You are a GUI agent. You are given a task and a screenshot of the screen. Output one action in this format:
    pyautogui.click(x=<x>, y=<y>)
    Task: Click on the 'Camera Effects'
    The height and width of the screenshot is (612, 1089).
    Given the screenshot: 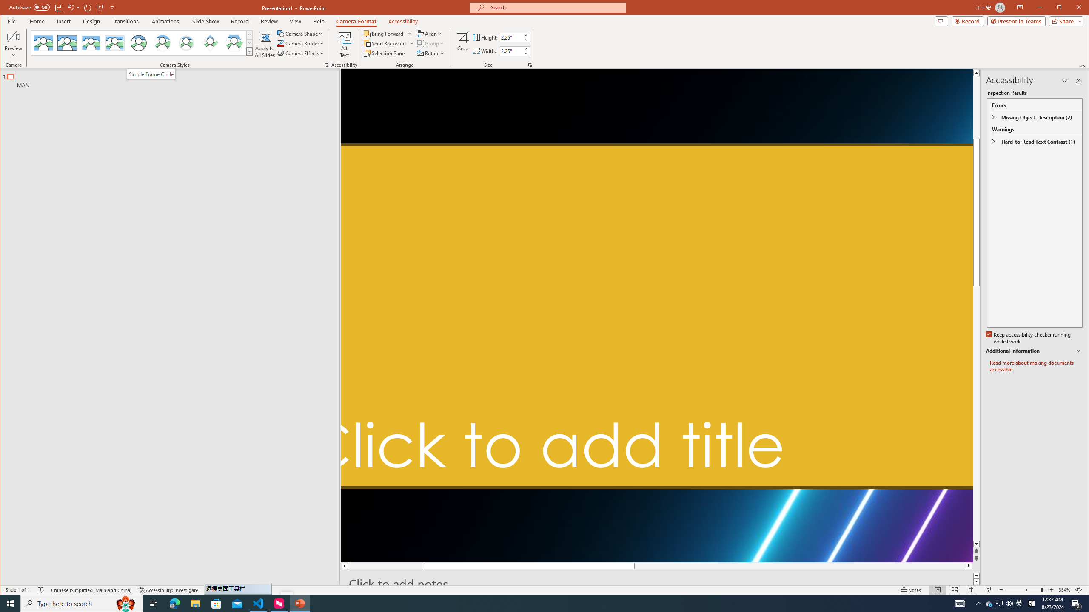 What is the action you would take?
    pyautogui.click(x=302, y=53)
    